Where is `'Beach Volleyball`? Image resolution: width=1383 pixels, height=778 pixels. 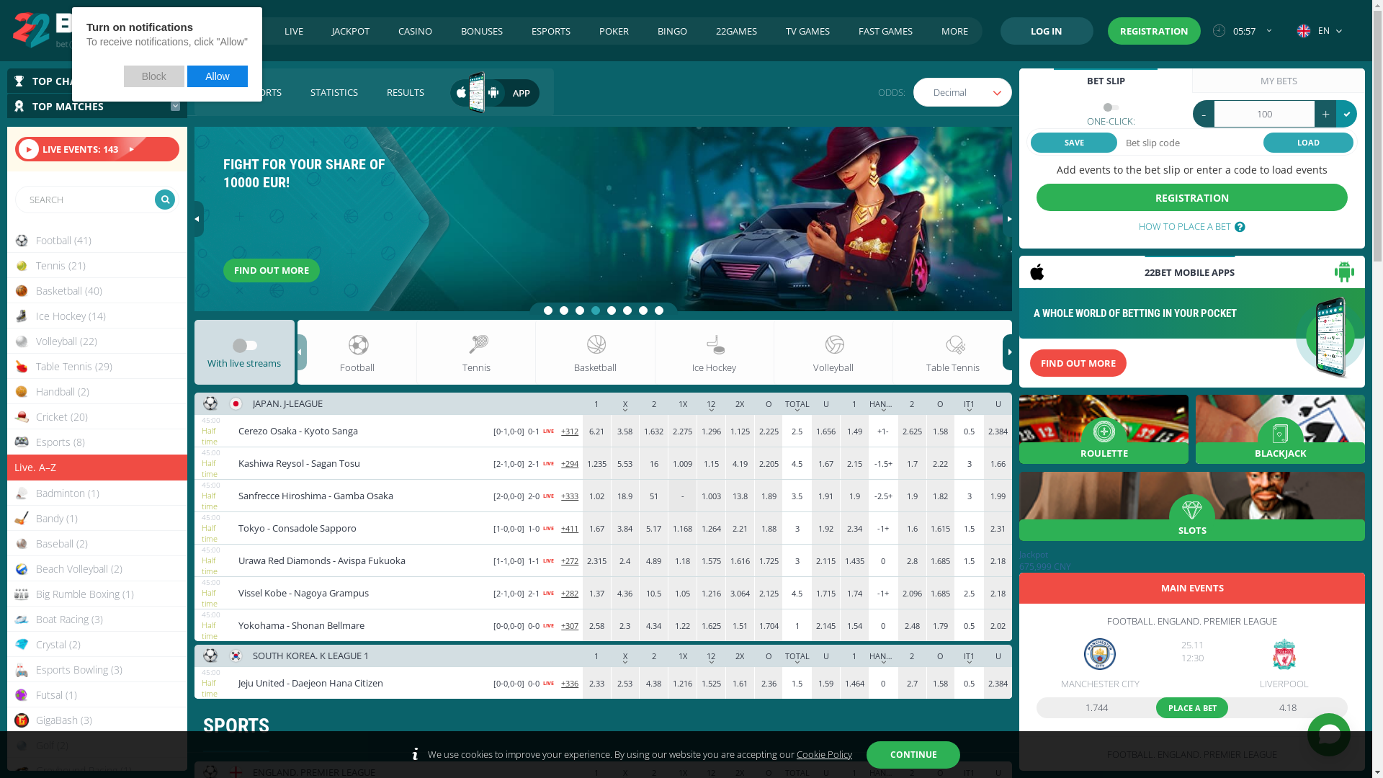 'Beach Volleyball is located at coordinates (96, 568).